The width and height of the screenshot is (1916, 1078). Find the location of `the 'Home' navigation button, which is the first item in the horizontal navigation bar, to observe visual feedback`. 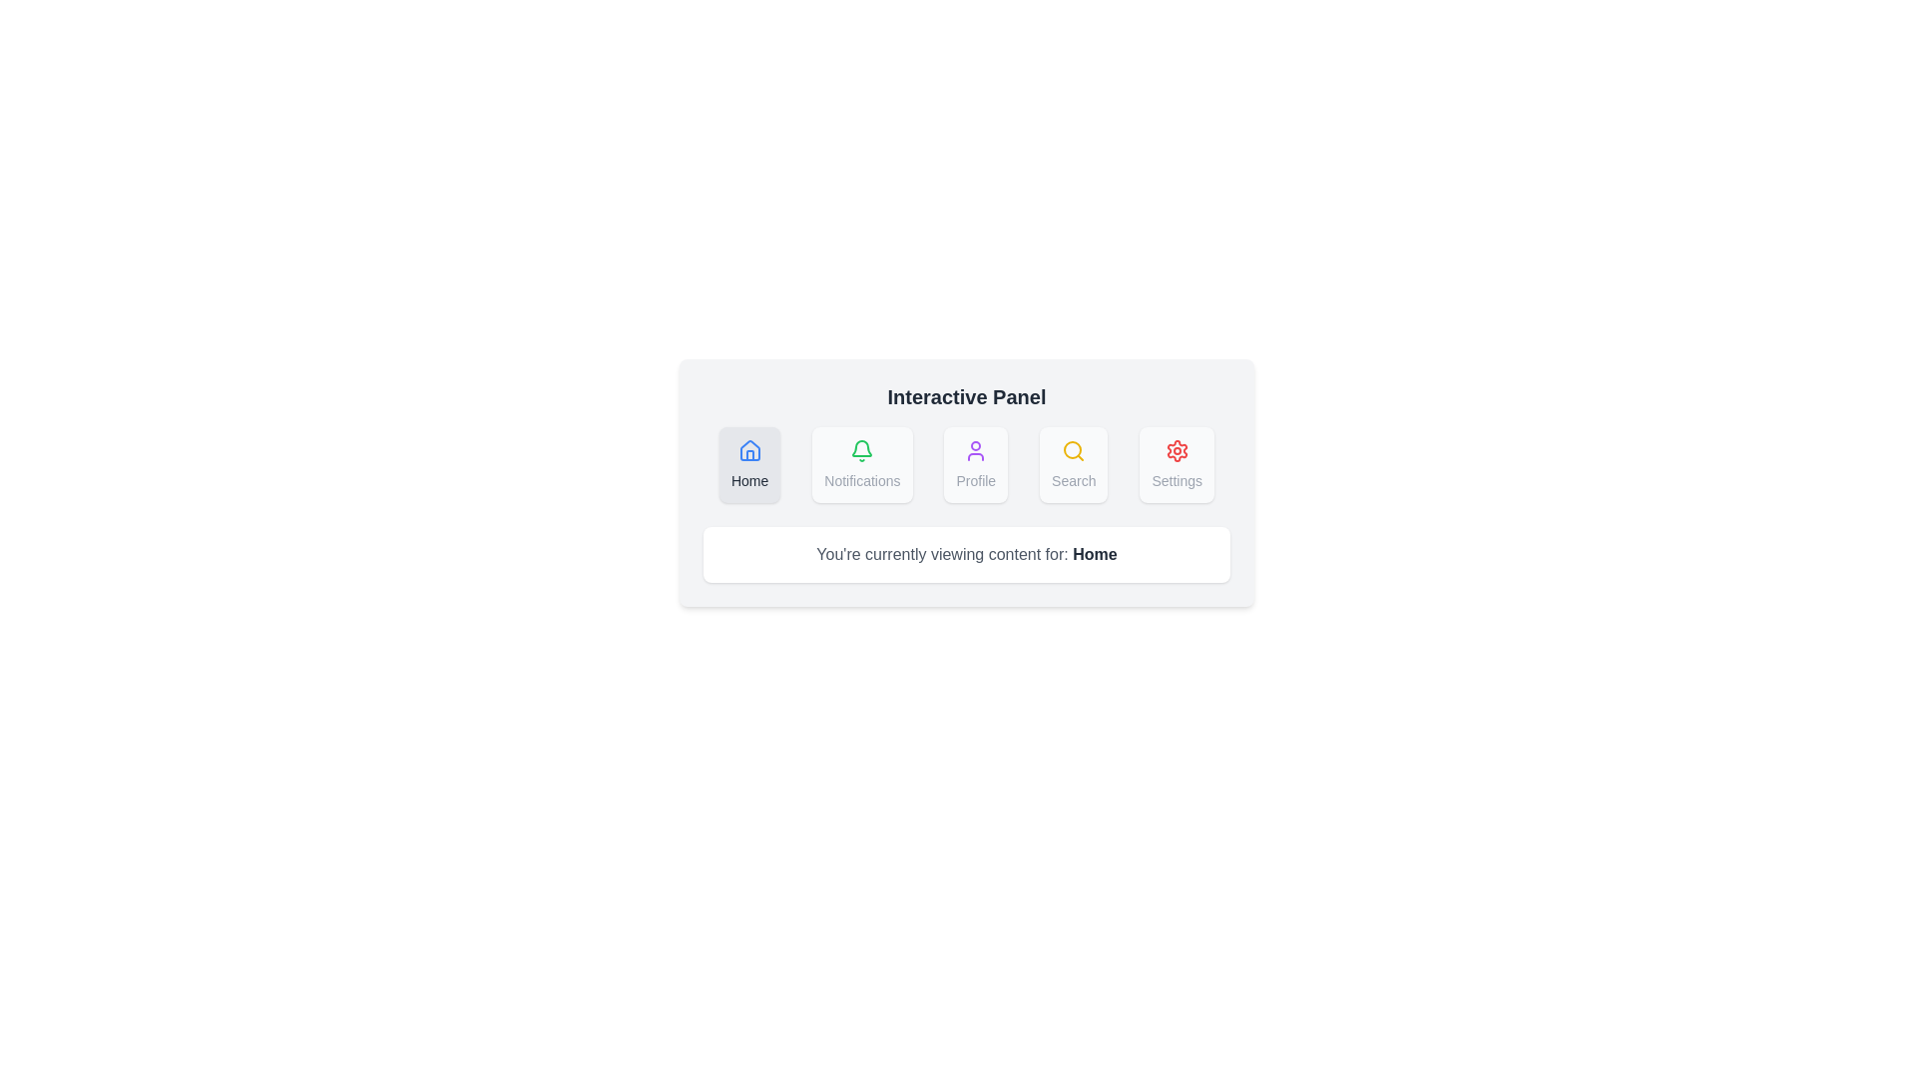

the 'Home' navigation button, which is the first item in the horizontal navigation bar, to observe visual feedback is located at coordinates (748, 465).